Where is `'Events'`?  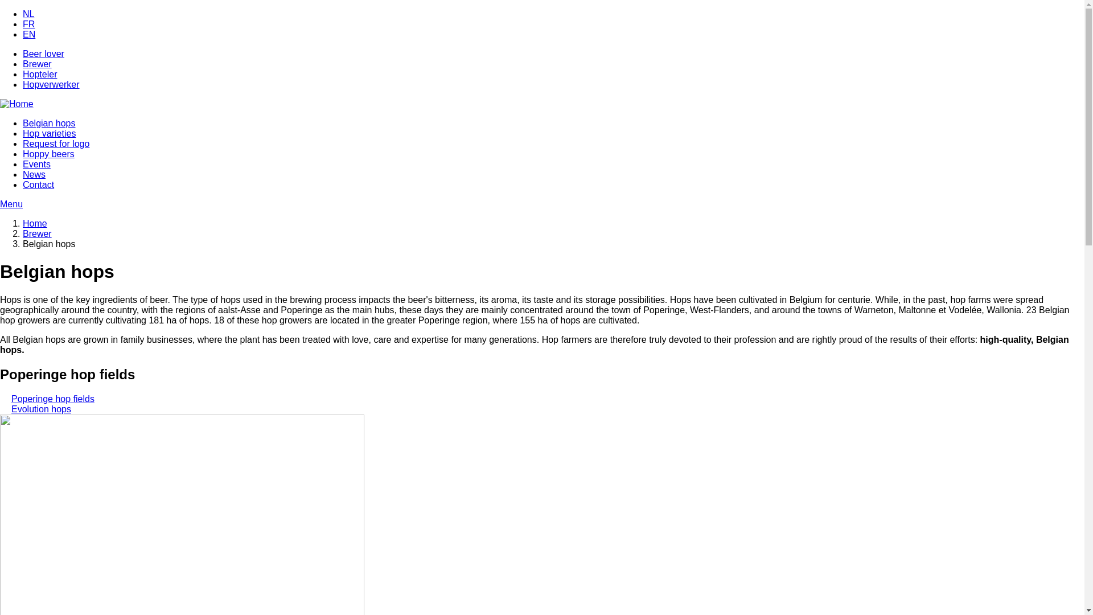
'Events' is located at coordinates (36, 164).